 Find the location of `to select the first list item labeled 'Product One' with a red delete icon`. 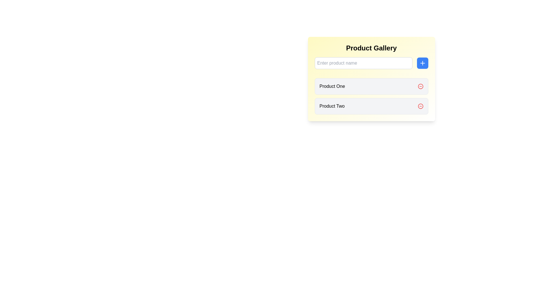

to select the first list item labeled 'Product One' with a red delete icon is located at coordinates (371, 86).